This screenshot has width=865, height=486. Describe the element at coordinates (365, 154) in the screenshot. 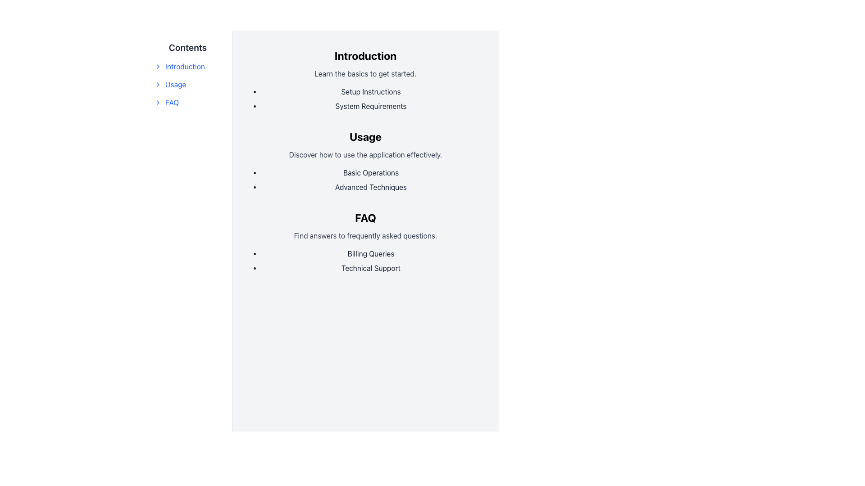

I see `the text element reading 'Discover how to use the application effectively.' located within the 'Usage' section` at that location.